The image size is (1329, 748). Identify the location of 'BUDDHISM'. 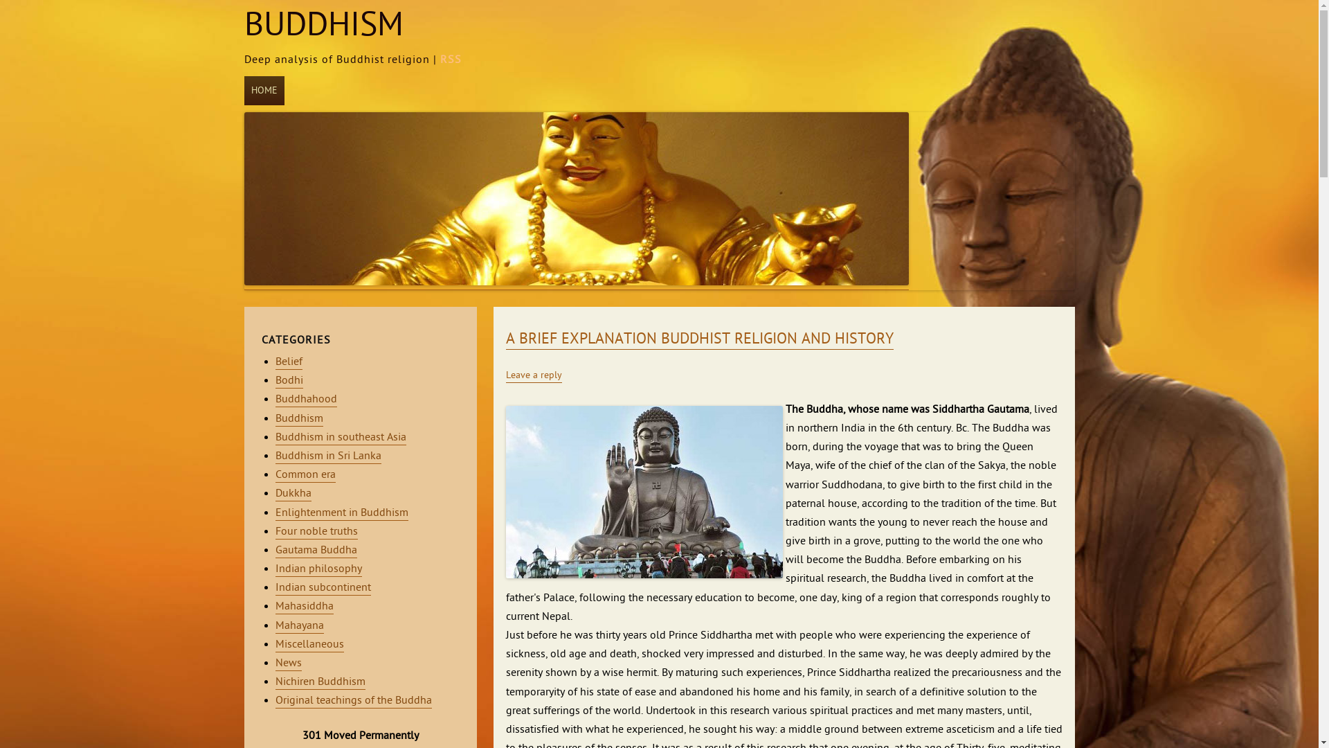
(243, 26).